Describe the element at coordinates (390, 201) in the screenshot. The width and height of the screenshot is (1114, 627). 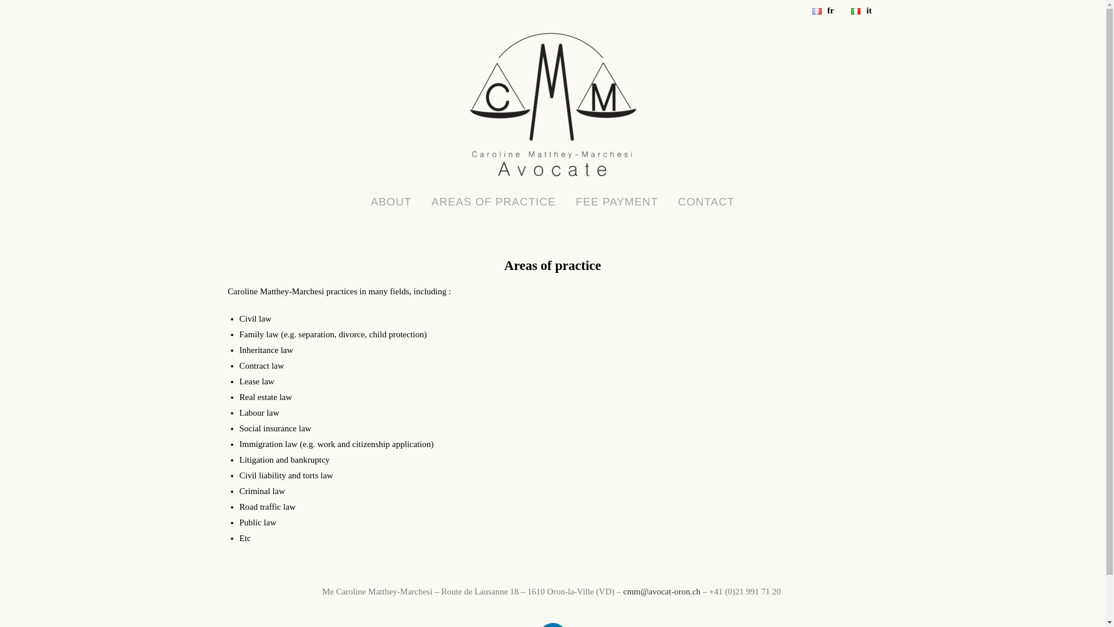
I see `'ABOUT'` at that location.